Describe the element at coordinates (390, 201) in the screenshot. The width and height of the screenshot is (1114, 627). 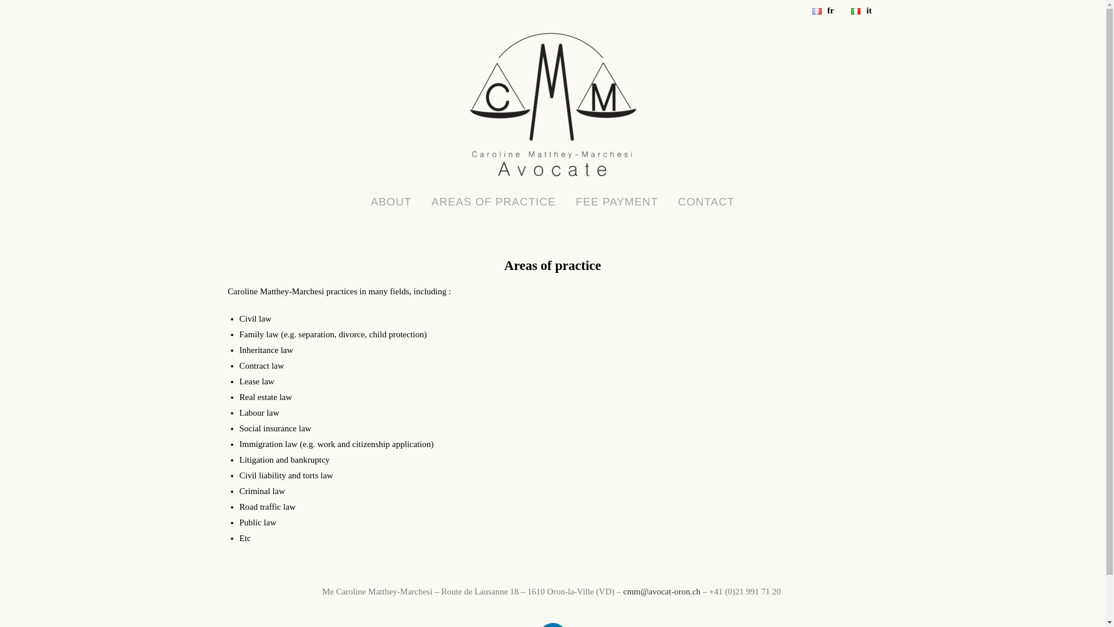
I see `'ABOUT'` at that location.